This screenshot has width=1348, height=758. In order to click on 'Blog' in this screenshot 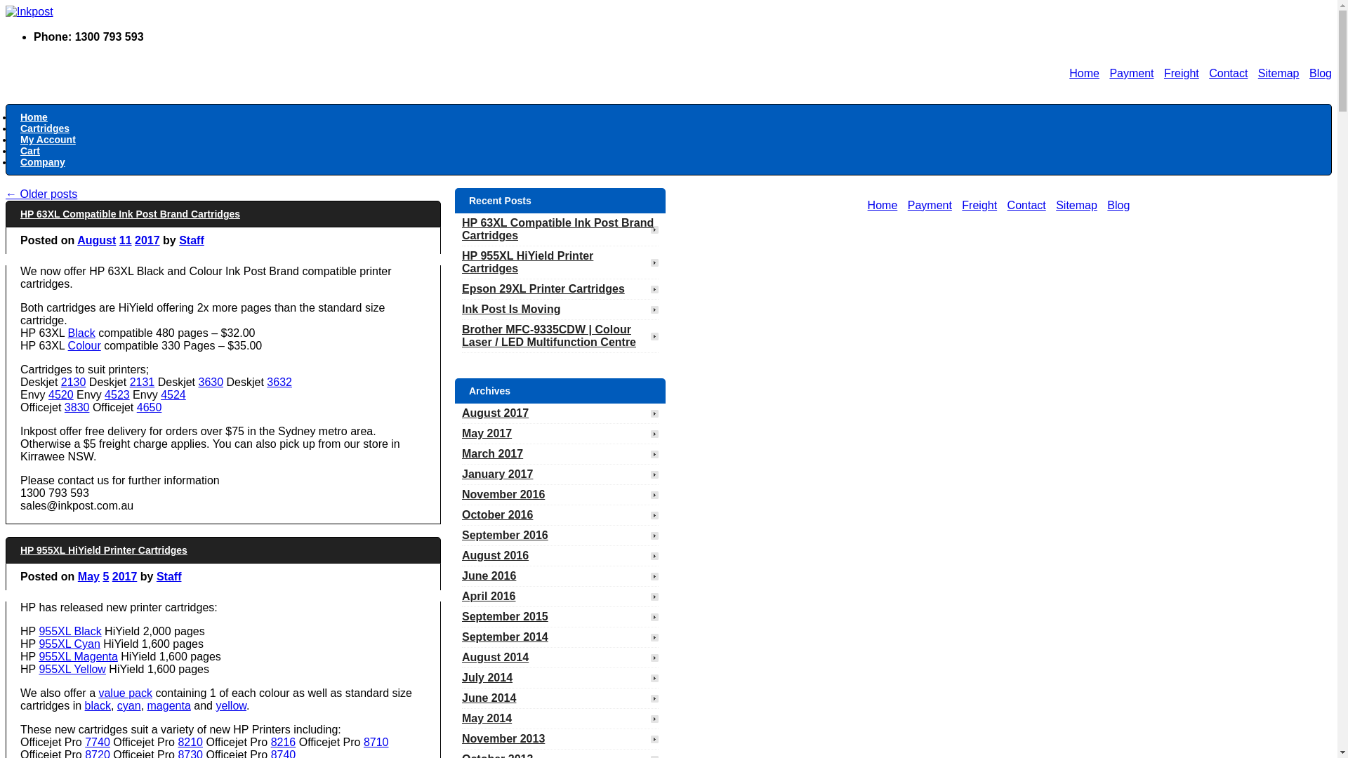, I will do `click(1309, 73)`.